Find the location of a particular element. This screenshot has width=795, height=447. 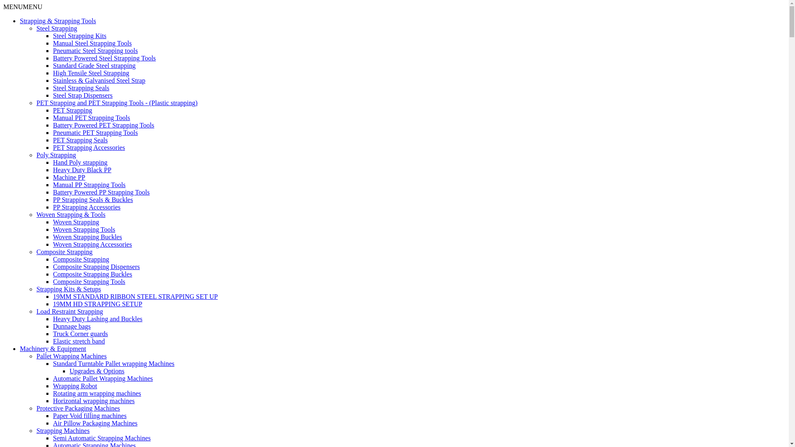

'Machine PP' is located at coordinates (69, 177).